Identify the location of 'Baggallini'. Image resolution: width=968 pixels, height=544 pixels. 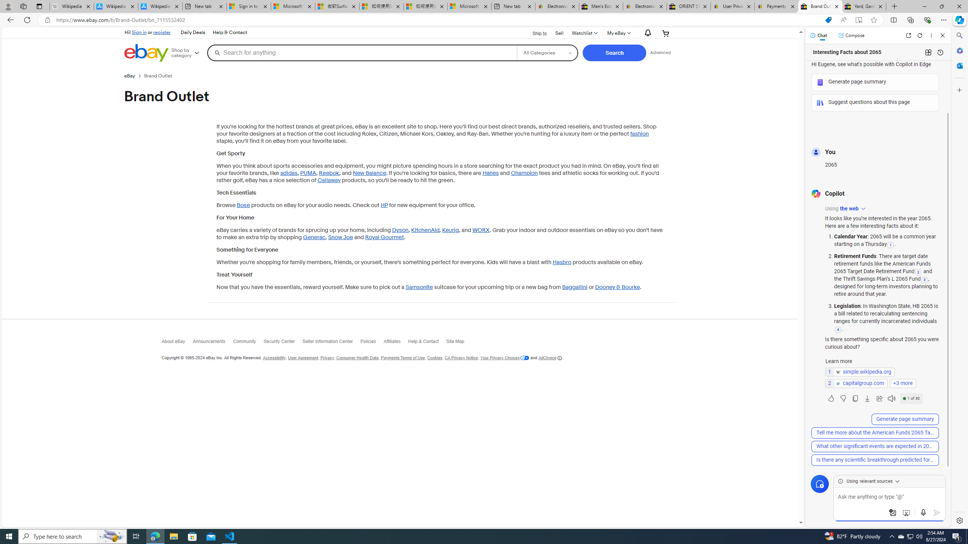
(574, 287).